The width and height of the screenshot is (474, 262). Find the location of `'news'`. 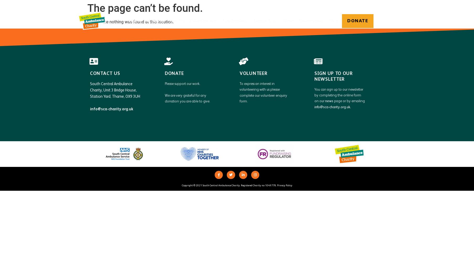

'news' is located at coordinates (325, 101).